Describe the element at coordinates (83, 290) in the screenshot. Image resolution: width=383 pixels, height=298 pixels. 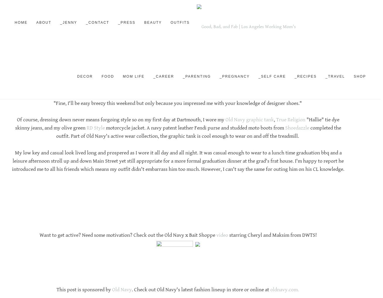
I see `'This post is sponsored by'` at that location.